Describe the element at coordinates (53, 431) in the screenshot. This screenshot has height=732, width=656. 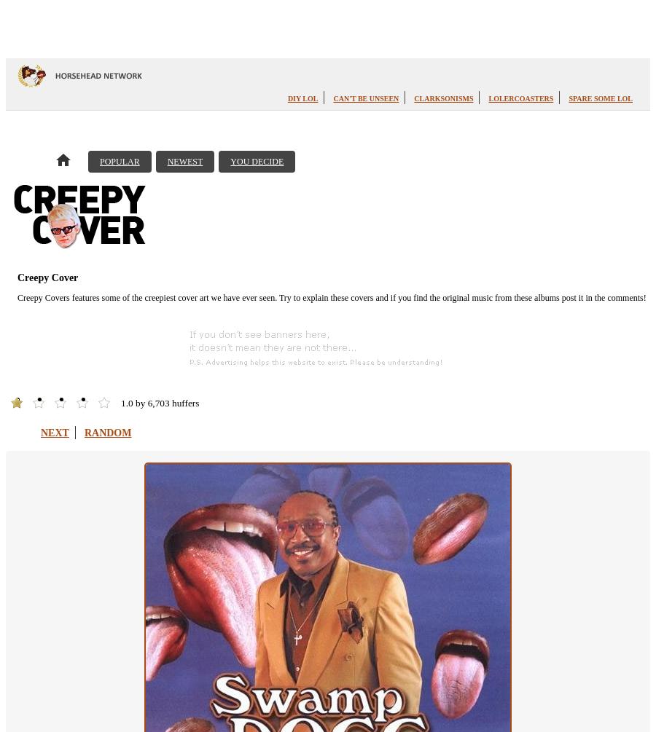
I see `'Next'` at that location.